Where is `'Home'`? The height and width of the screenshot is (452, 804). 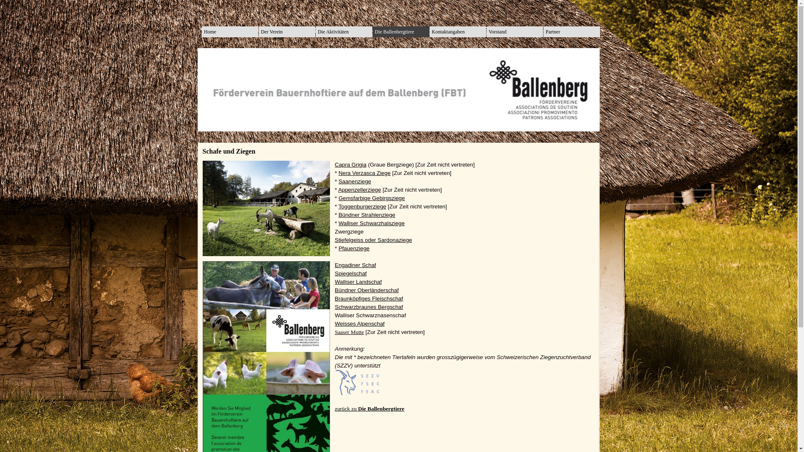
'Home' is located at coordinates (230, 31).